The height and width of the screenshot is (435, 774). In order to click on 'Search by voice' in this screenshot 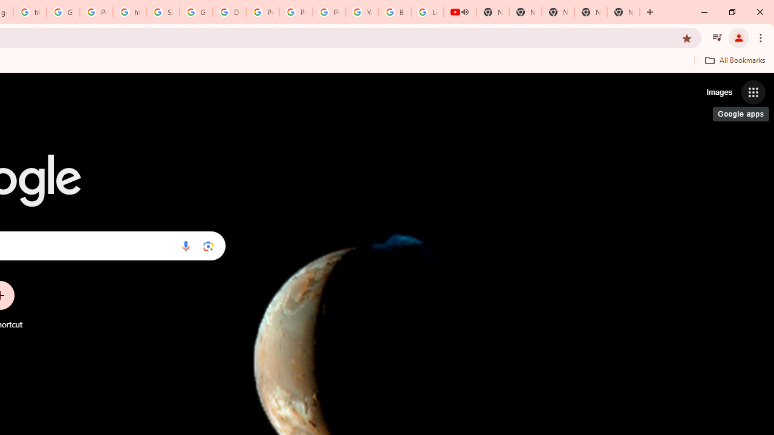, I will do `click(185, 245)`.